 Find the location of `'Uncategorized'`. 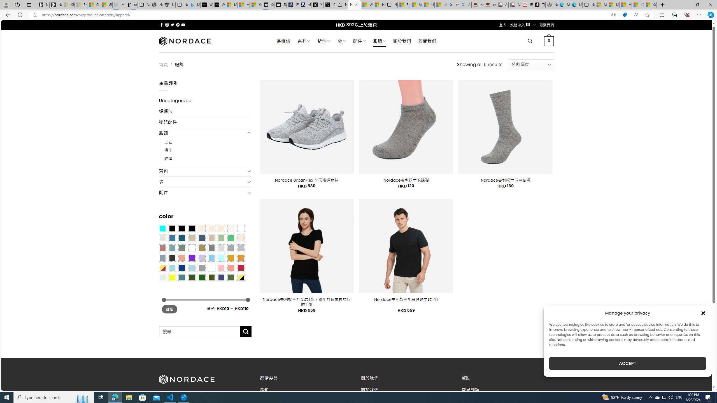

'Uncategorized' is located at coordinates (205, 101).